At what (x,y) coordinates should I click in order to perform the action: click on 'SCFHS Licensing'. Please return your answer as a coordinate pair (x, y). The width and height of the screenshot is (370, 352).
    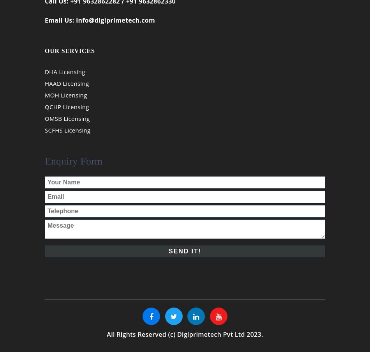
    Looking at the image, I should click on (67, 135).